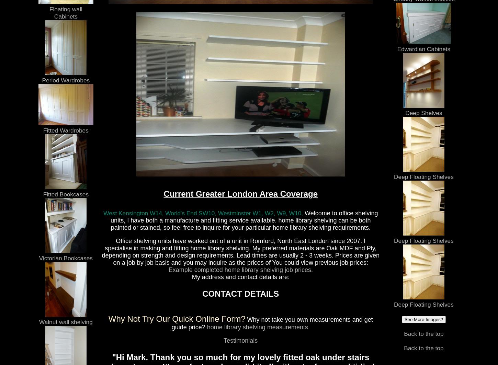 The width and height of the screenshot is (498, 365). Describe the element at coordinates (38, 258) in the screenshot. I see `'Victorian Bookcases'` at that location.